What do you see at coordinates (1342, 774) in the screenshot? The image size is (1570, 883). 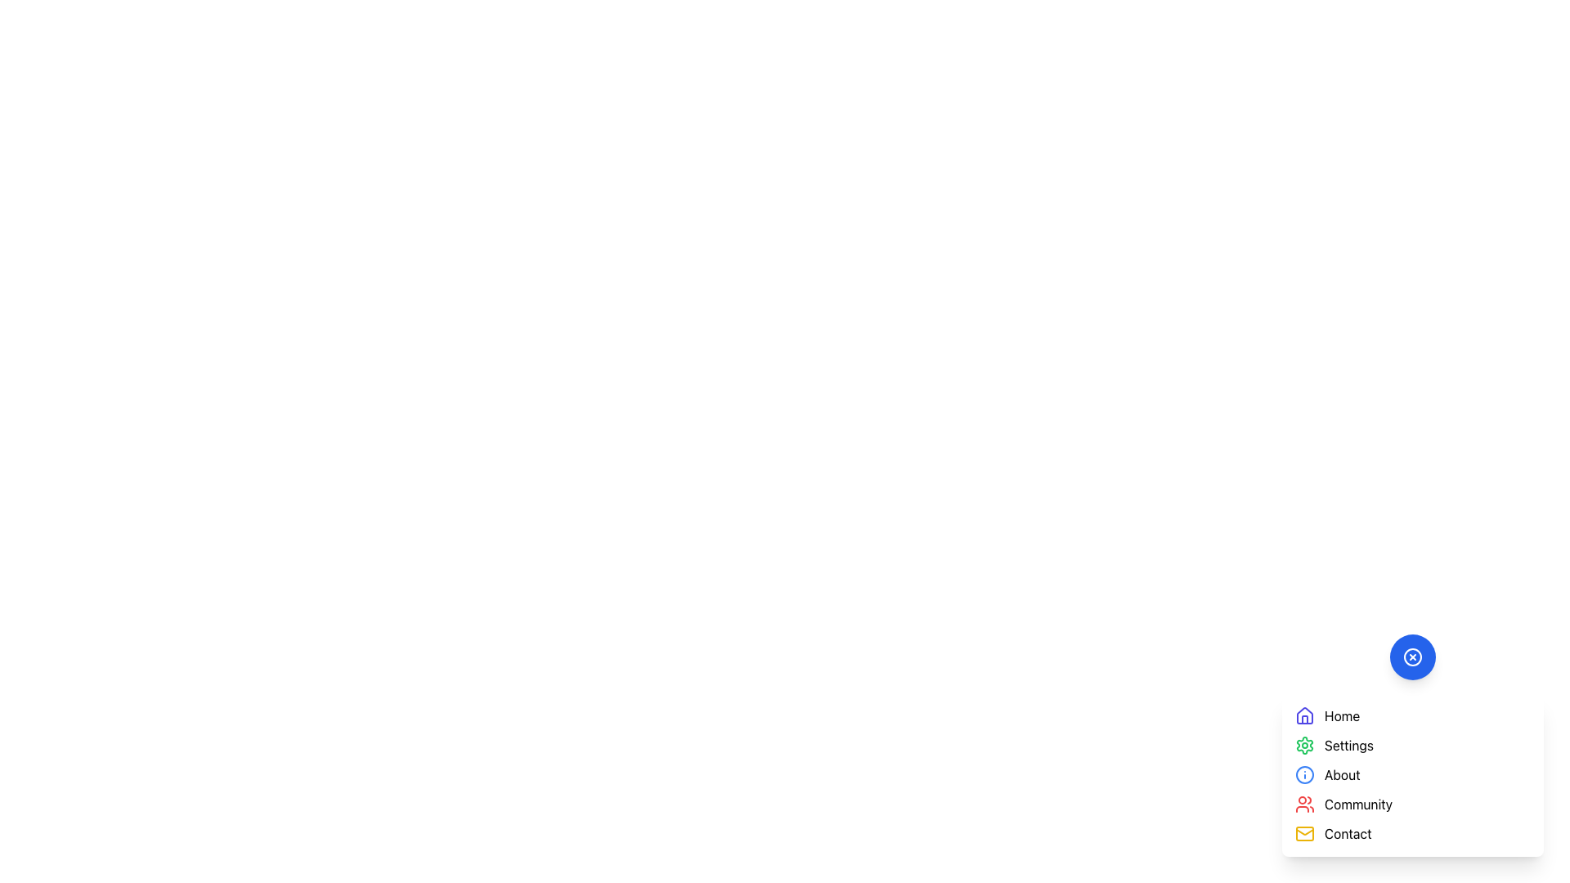 I see `the navigational menu option labeled 'About'` at bounding box center [1342, 774].